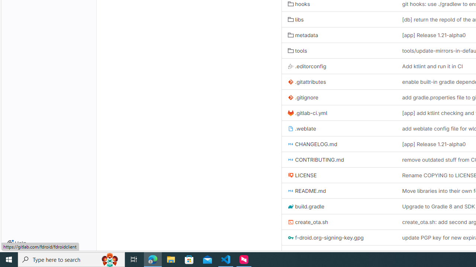  Describe the element at coordinates (302, 128) in the screenshot. I see `'.weblate'` at that location.